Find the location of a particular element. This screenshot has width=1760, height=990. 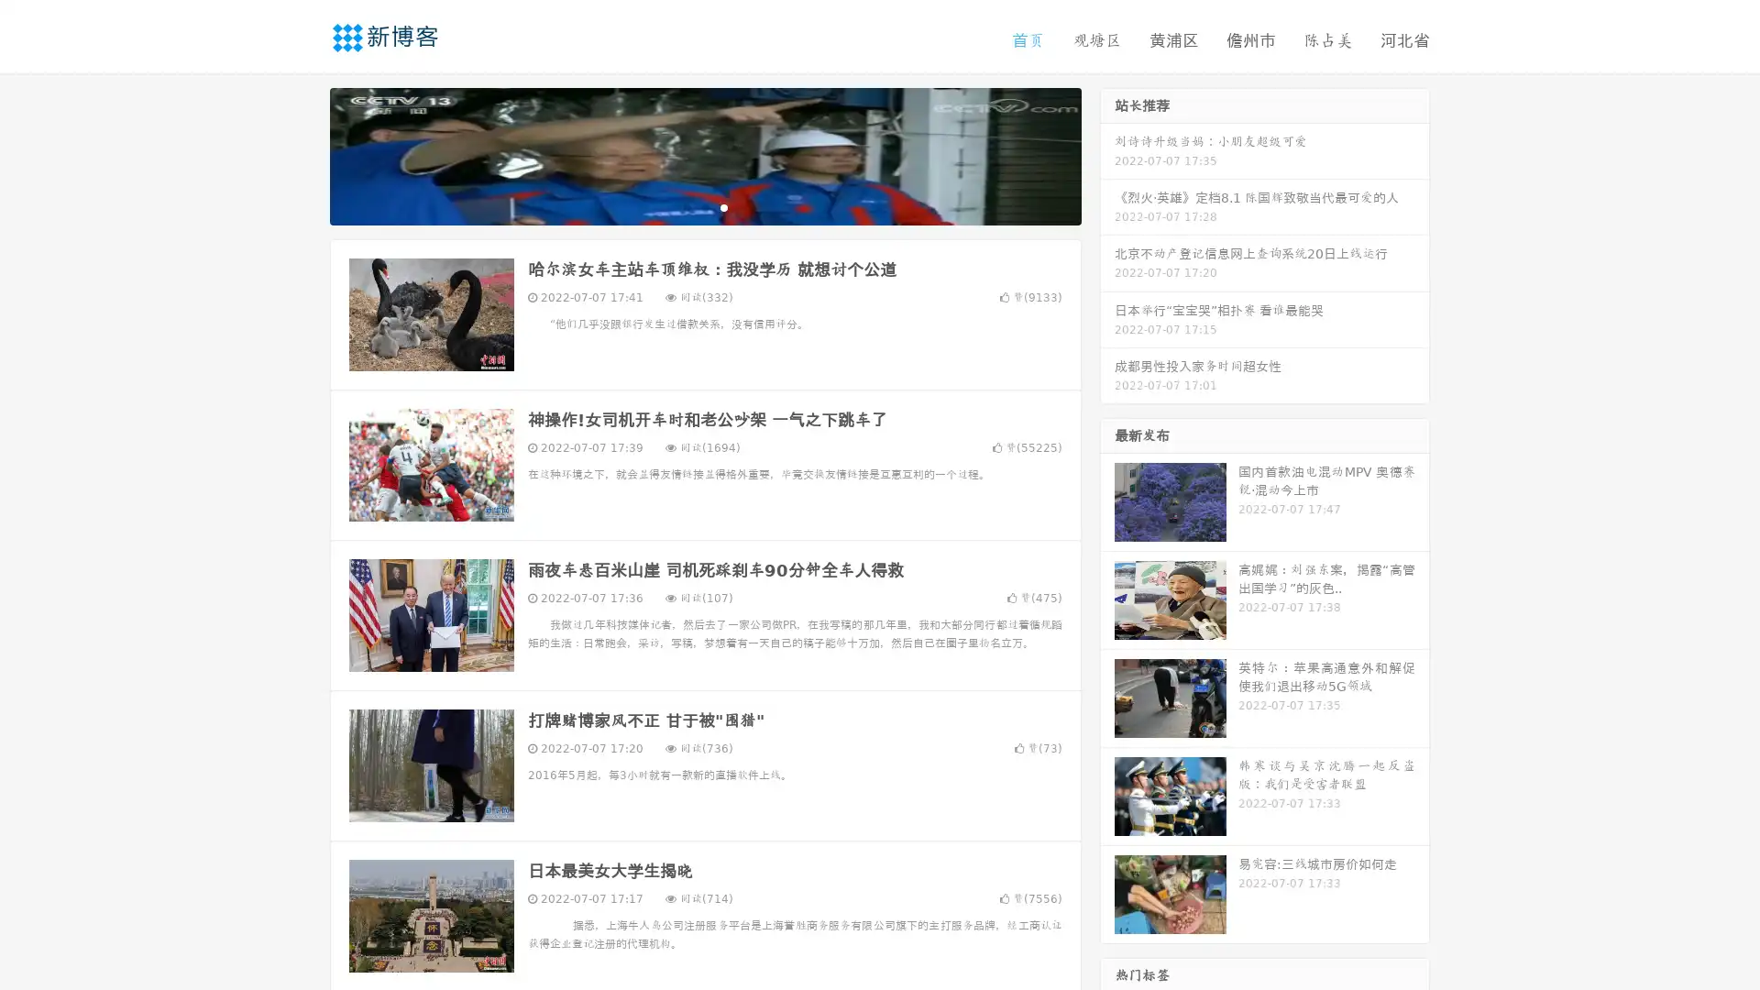

Next slide is located at coordinates (1107, 154).